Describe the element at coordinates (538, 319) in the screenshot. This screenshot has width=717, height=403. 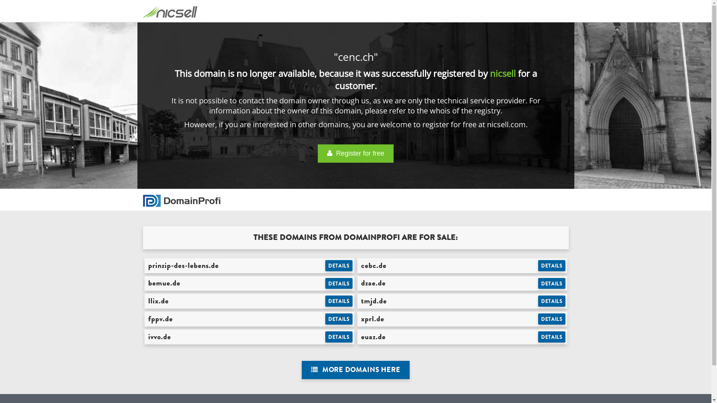
I see `'DETAILS'` at that location.